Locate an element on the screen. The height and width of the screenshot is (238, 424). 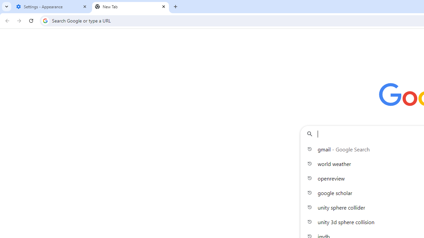
'Settings - Appearance' is located at coordinates (51, 7).